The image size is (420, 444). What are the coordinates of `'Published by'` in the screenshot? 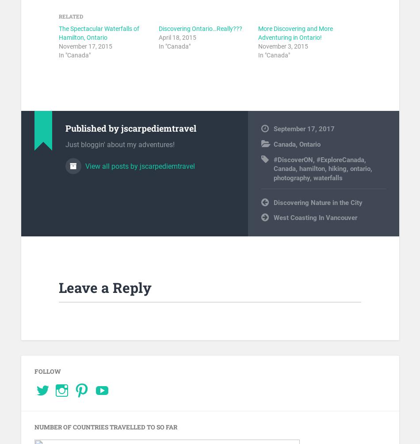 It's located at (93, 128).